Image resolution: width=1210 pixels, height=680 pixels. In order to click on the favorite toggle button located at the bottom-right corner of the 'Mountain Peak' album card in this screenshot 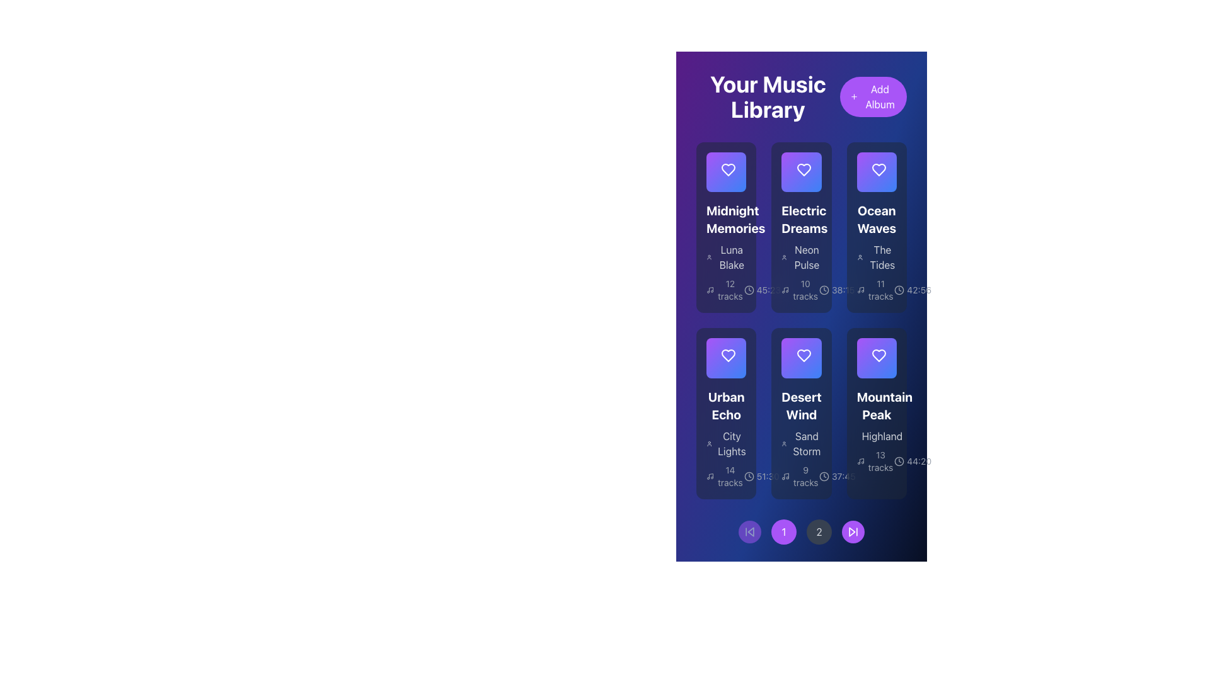, I will do `click(876, 358)`.